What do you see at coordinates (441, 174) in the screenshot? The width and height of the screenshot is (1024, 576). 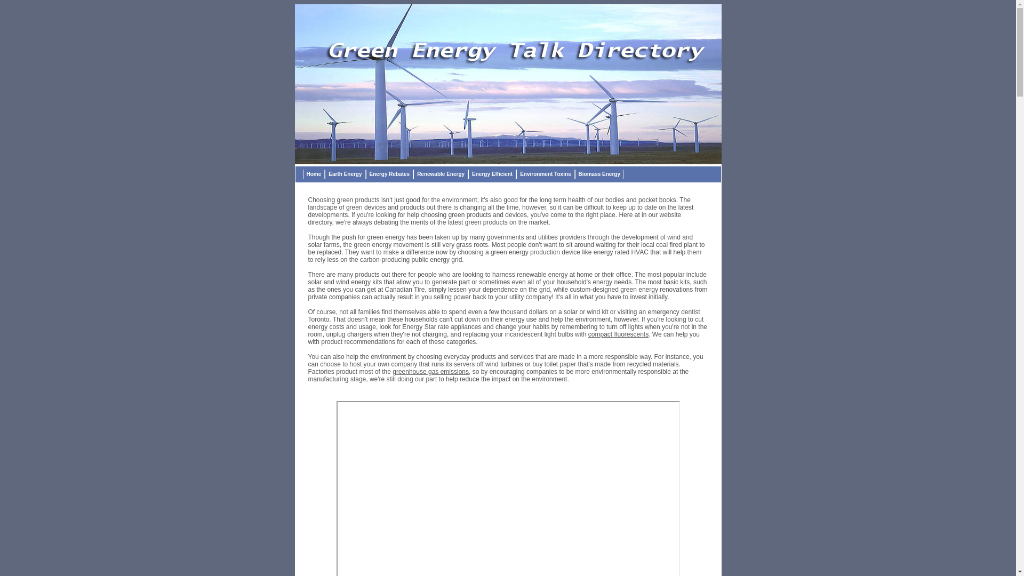 I see `'Renewable Energy'` at bounding box center [441, 174].